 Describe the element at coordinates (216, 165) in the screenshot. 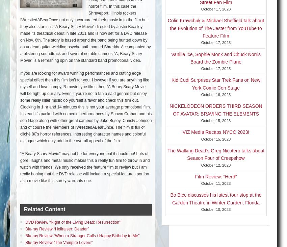

I see `'October 12, 2023'` at that location.